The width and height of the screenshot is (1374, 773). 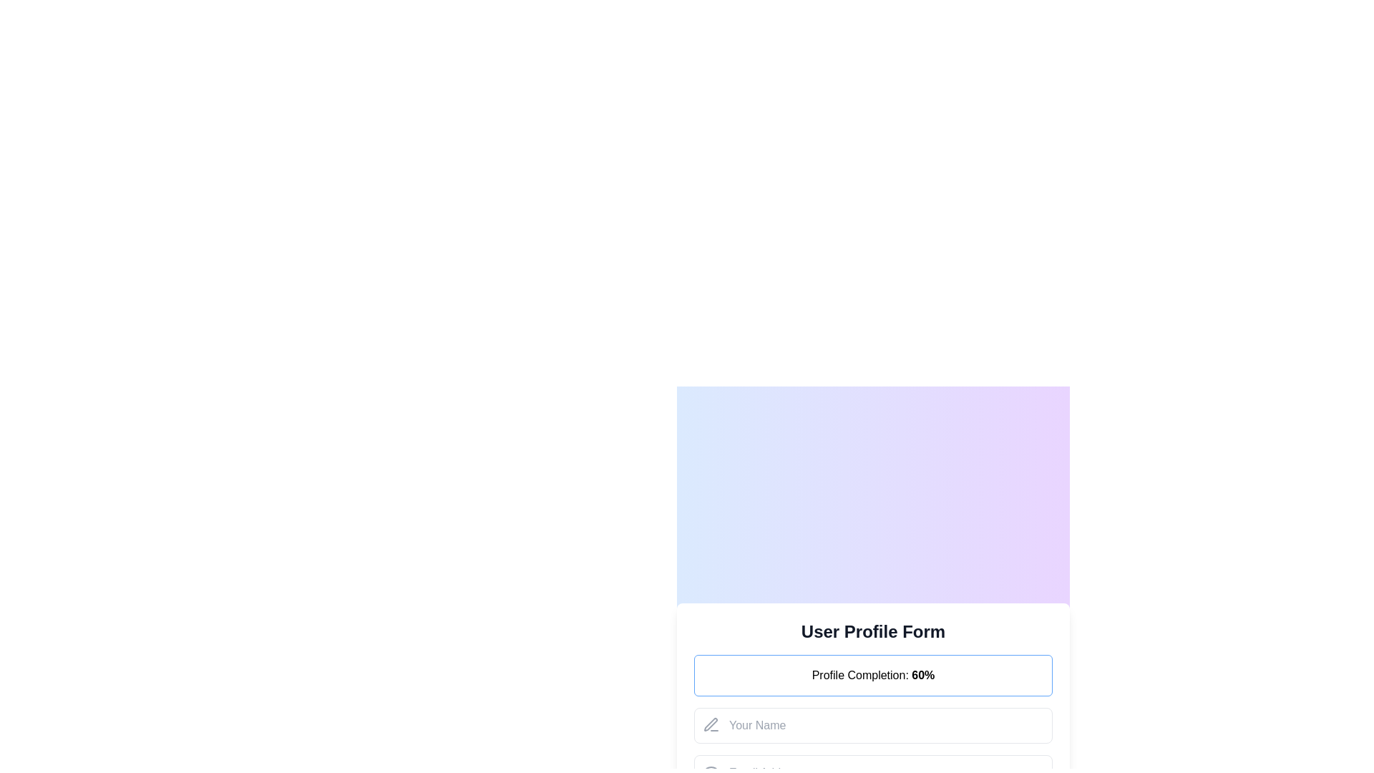 I want to click on the Informational text section displaying 'Profile Completion: 60%' with a blue border, located under the 'User Profile Form' title, so click(x=872, y=675).